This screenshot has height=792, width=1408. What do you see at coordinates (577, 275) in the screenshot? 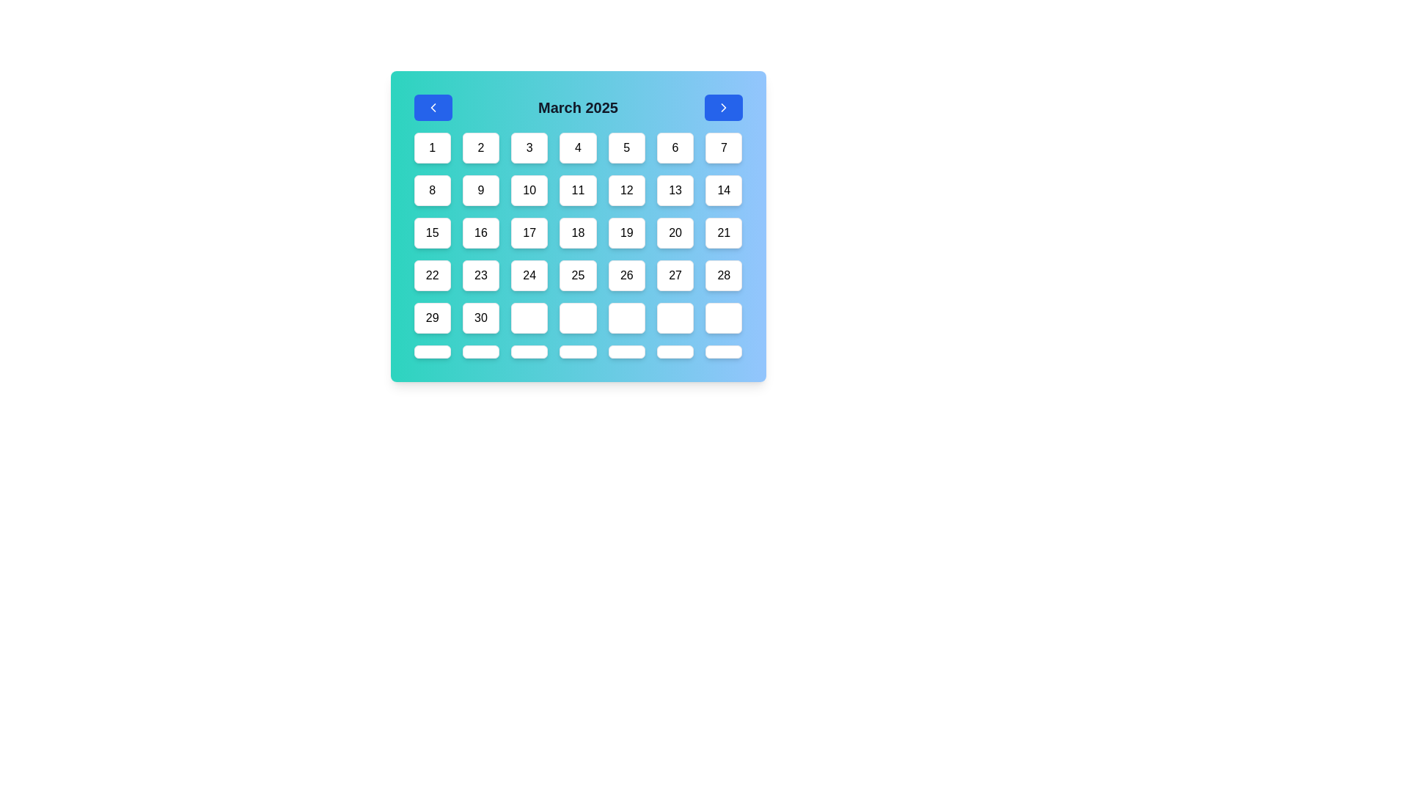
I see `the square-shaped button displaying the number '25', which is part of a calendar grid layout` at bounding box center [577, 275].